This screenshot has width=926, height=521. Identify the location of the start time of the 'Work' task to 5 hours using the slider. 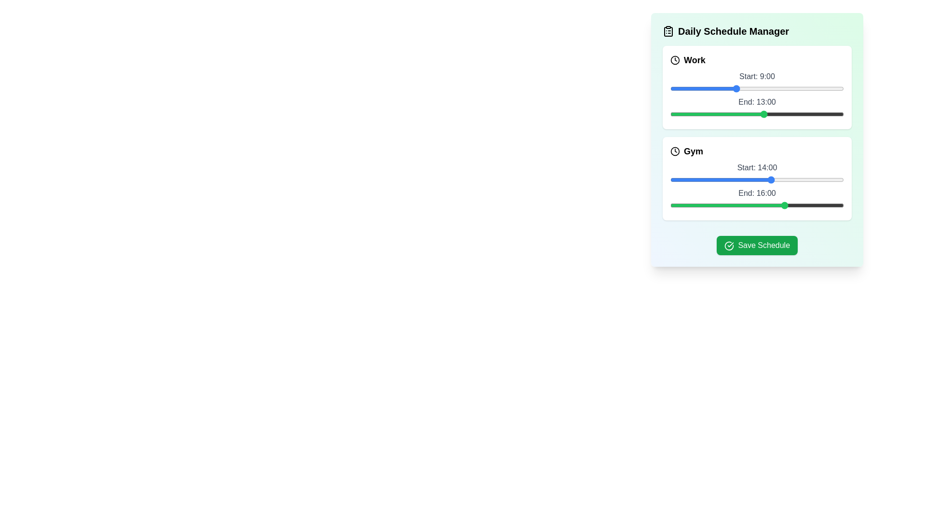
(706, 89).